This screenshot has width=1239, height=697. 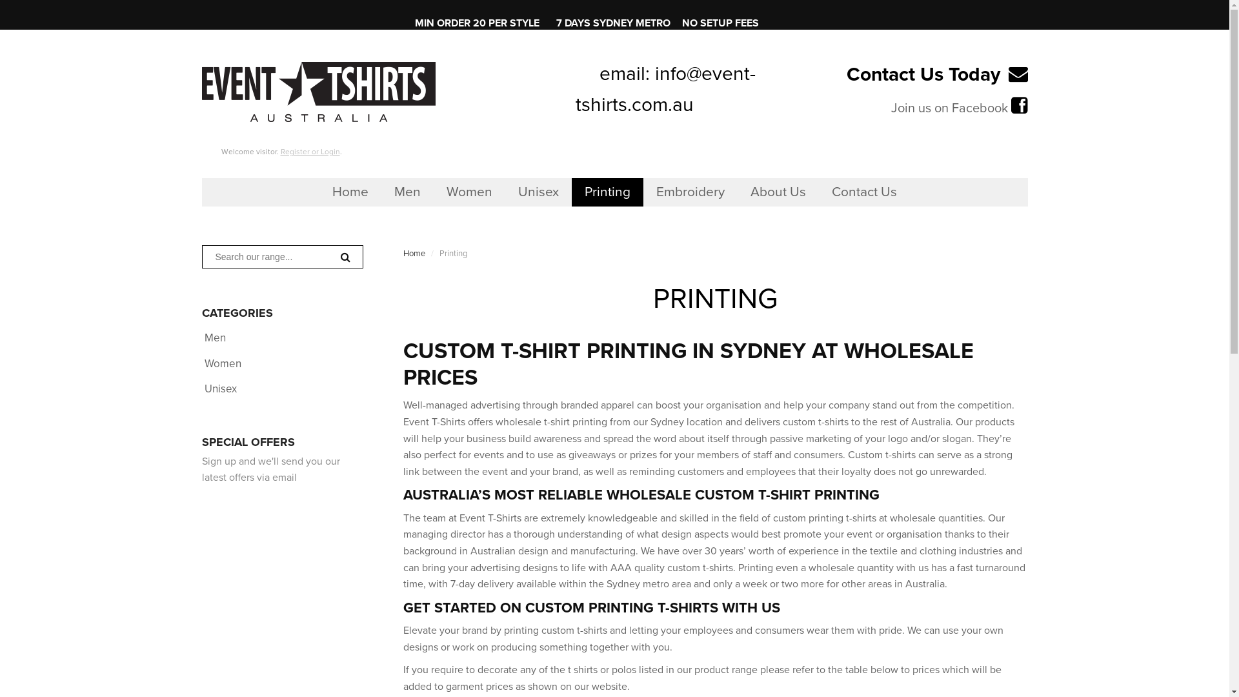 I want to click on 'Men', so click(x=203, y=337).